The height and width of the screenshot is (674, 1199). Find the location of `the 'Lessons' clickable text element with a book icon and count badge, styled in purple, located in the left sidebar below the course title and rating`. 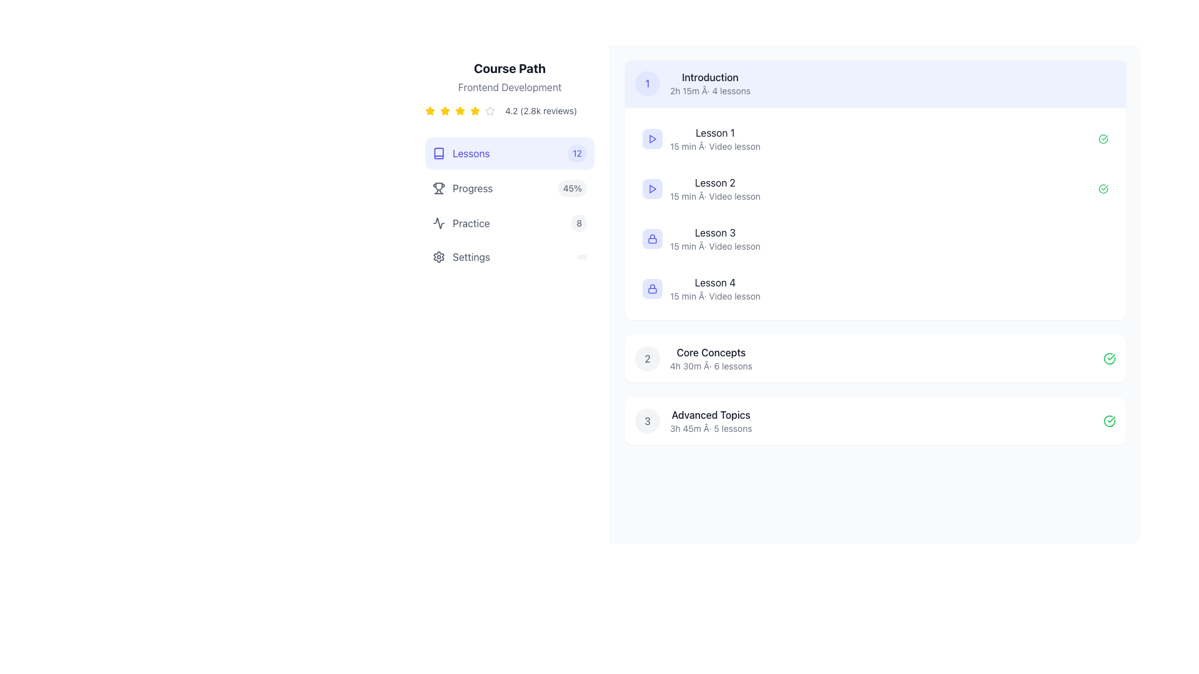

the 'Lessons' clickable text element with a book icon and count badge, styled in purple, located in the left sidebar below the course title and rating is located at coordinates (460, 153).